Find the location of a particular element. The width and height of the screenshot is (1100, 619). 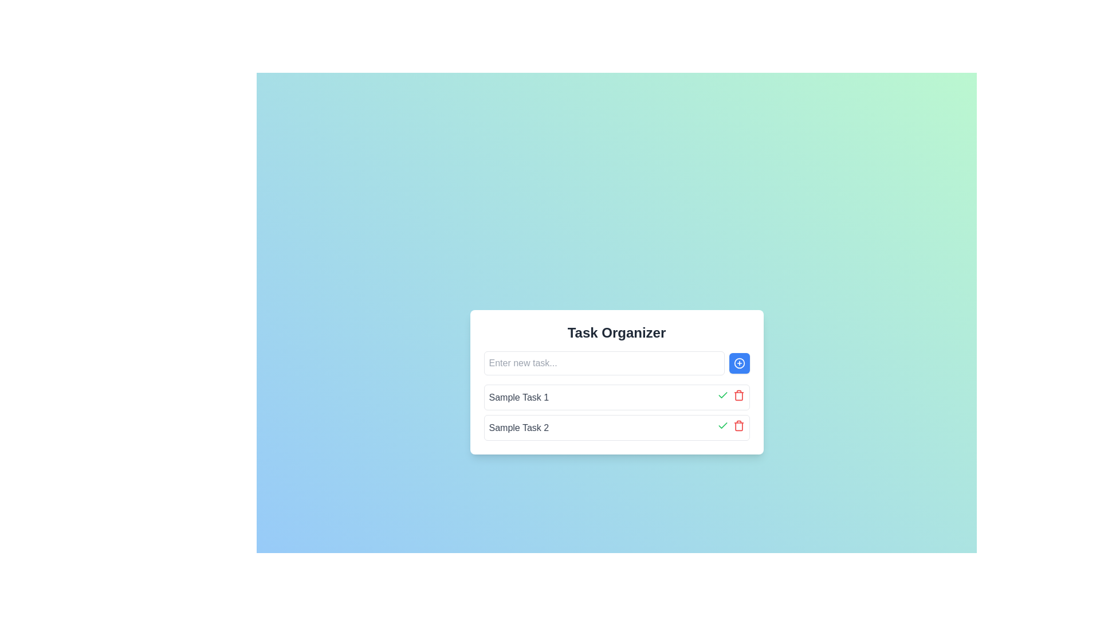

the green checkmark icon located to the right of the task labeled 'Sample Task 1' is located at coordinates (722, 425).